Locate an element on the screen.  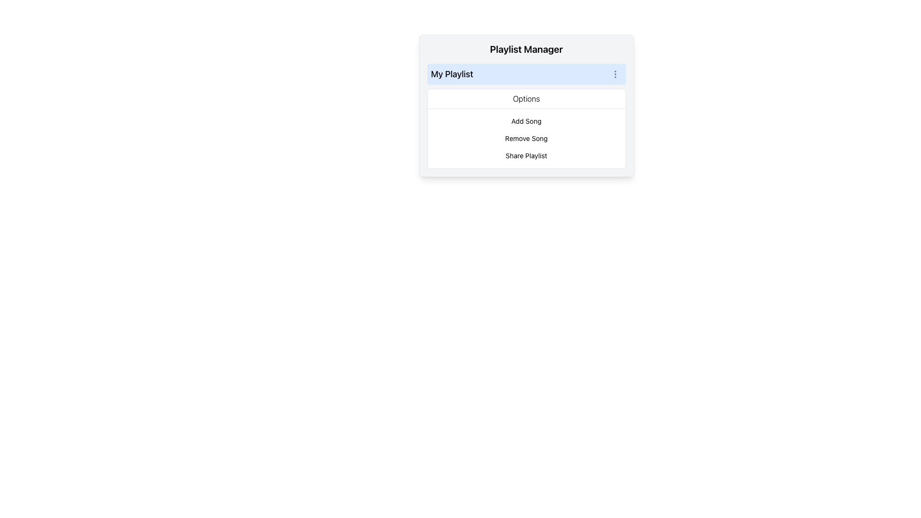
the text element labeled 'Add Song' located in the dropdown menu under the 'Options' header is located at coordinates (526, 121).